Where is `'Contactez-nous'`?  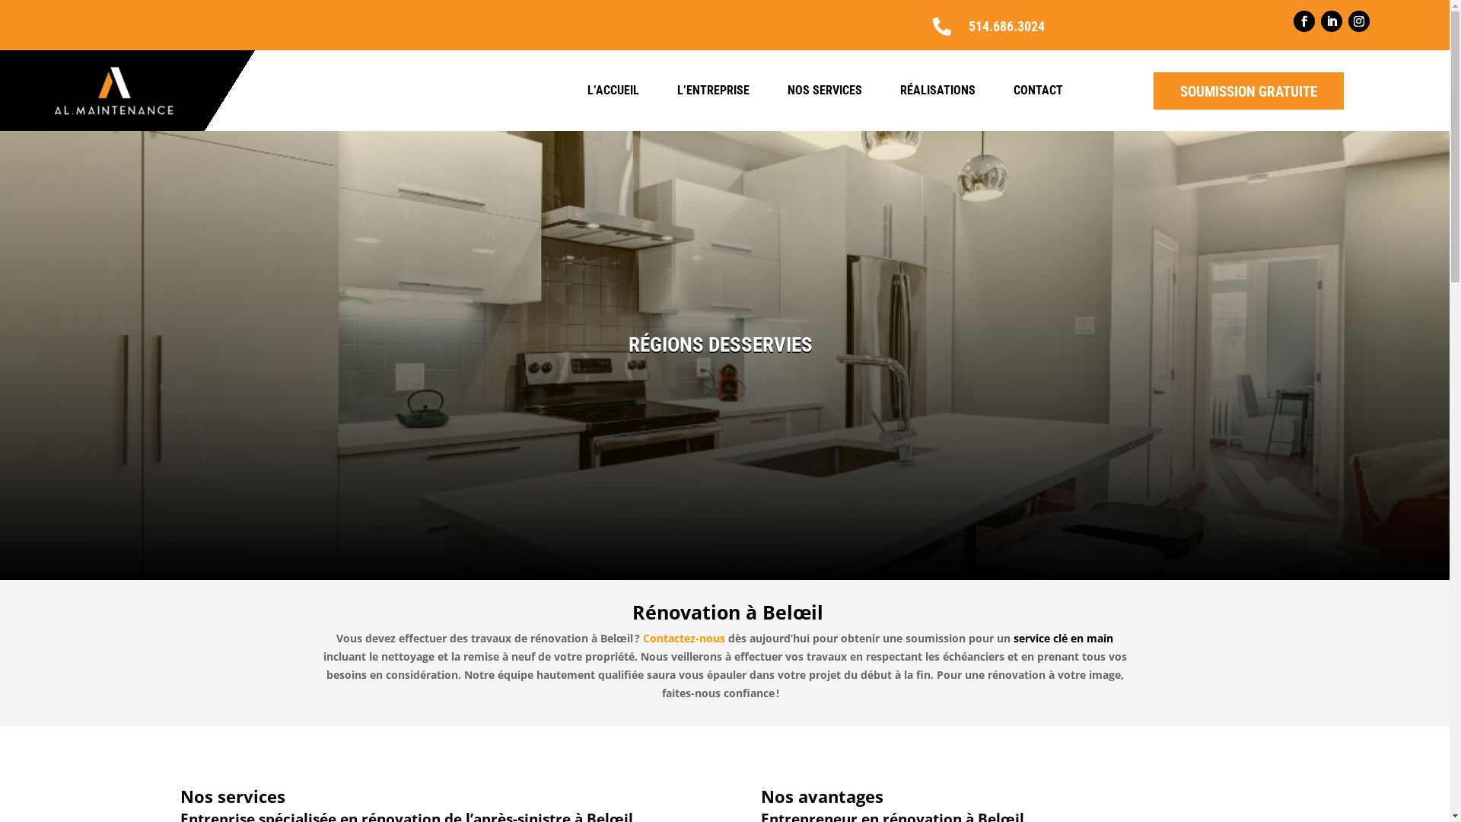 'Contactez-nous' is located at coordinates (685, 638).